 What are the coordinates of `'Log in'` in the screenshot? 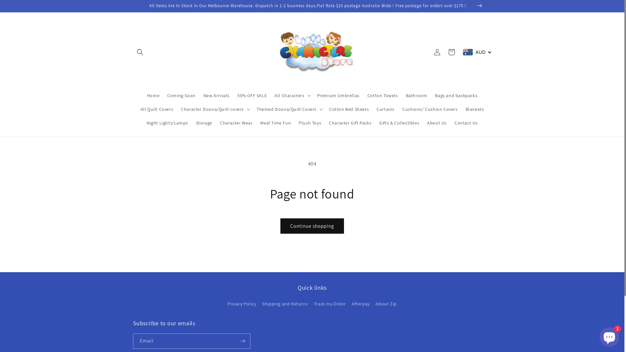 It's located at (437, 51).